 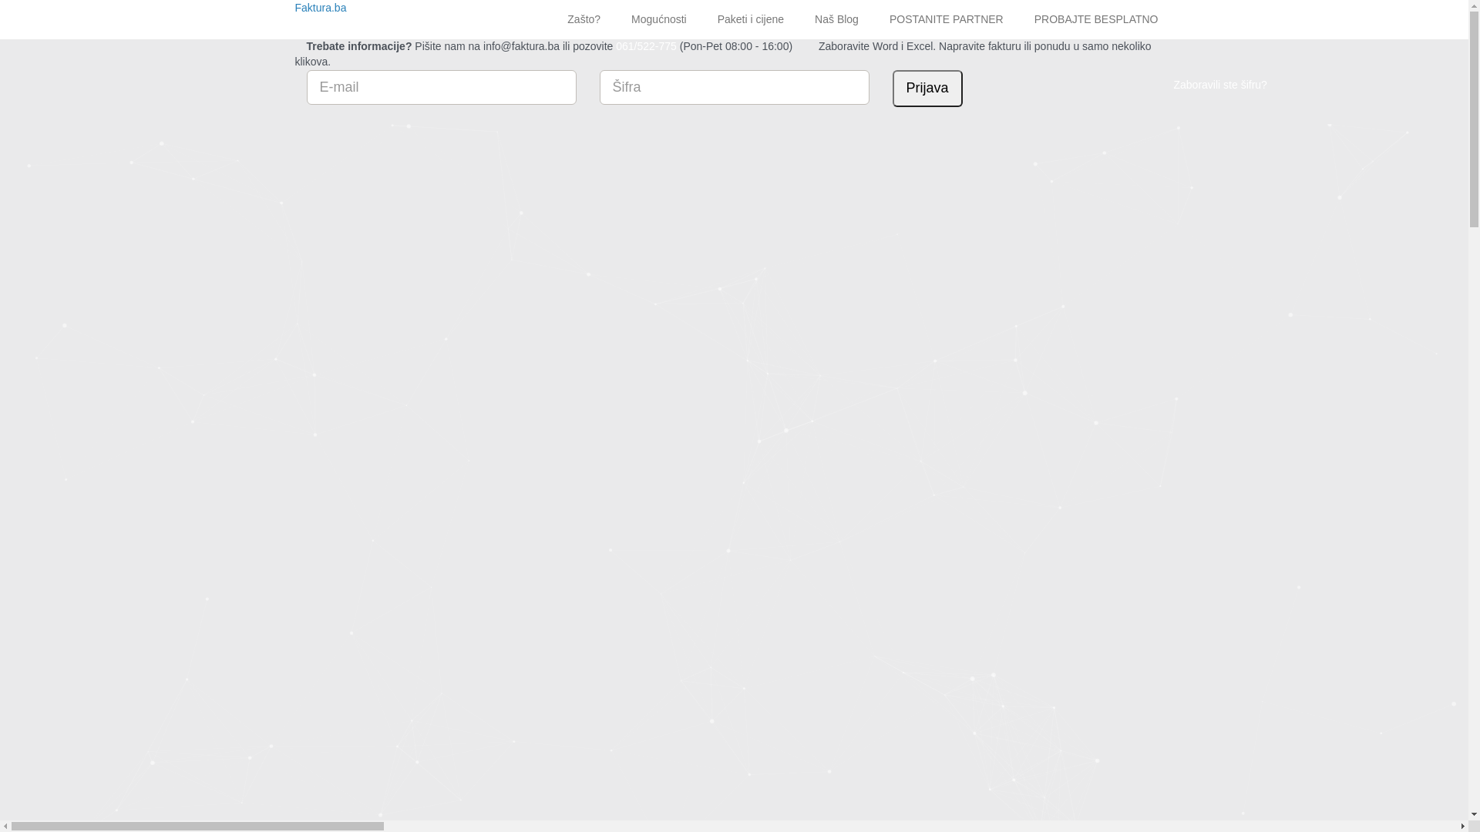 What do you see at coordinates (646, 45) in the screenshot?
I see `'061/522-775'` at bounding box center [646, 45].